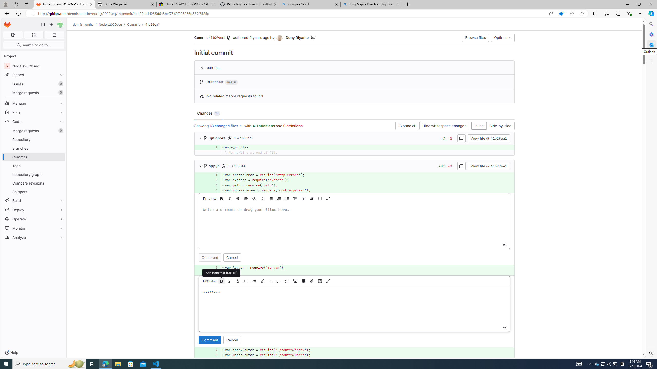 The height and width of the screenshot is (369, 657). What do you see at coordinates (33, 112) in the screenshot?
I see `'Plan'` at bounding box center [33, 112].